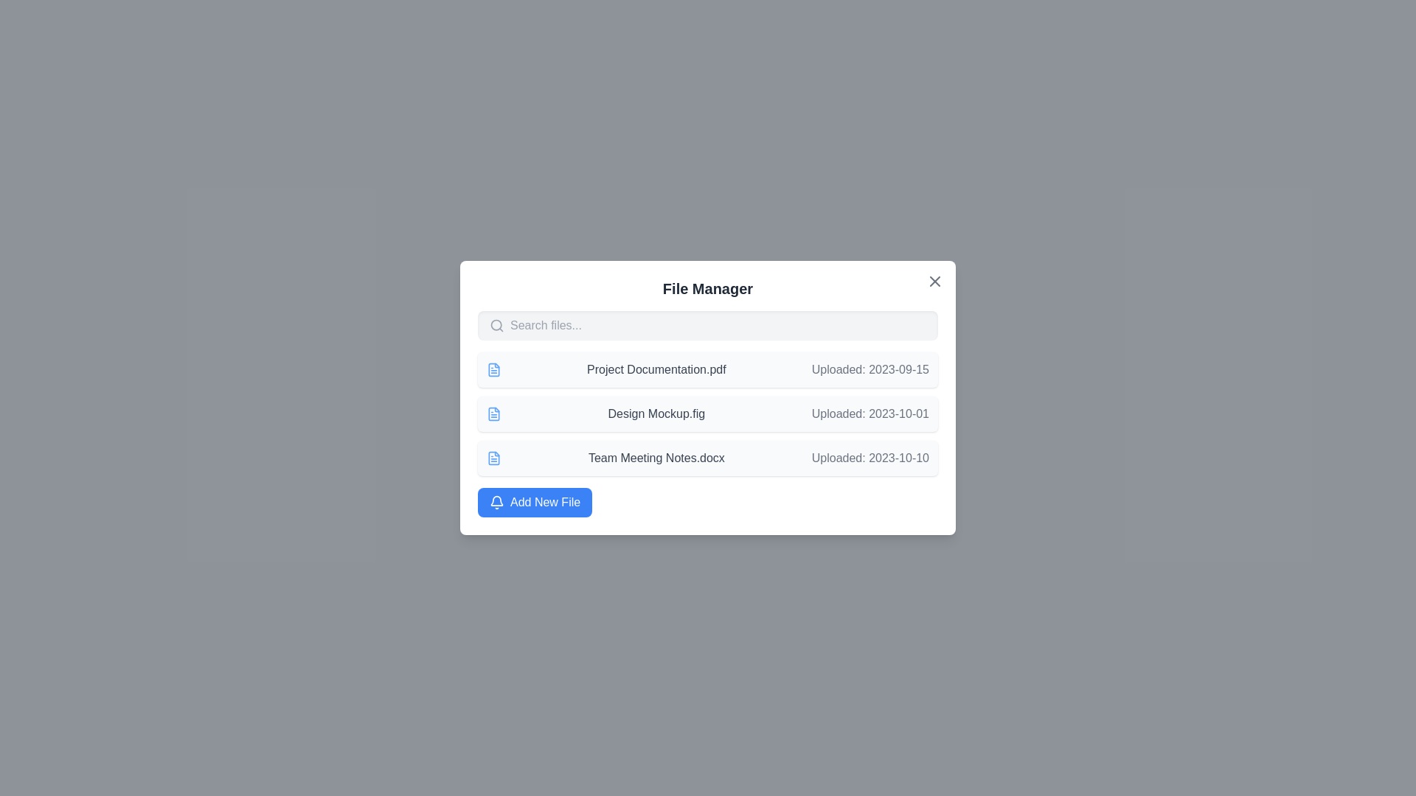 The width and height of the screenshot is (1416, 796). What do you see at coordinates (656, 457) in the screenshot?
I see `the third file name display in the file manager interface, located between a blue file icon and a gray 'Uploaded: 2023-10-10' tag` at bounding box center [656, 457].